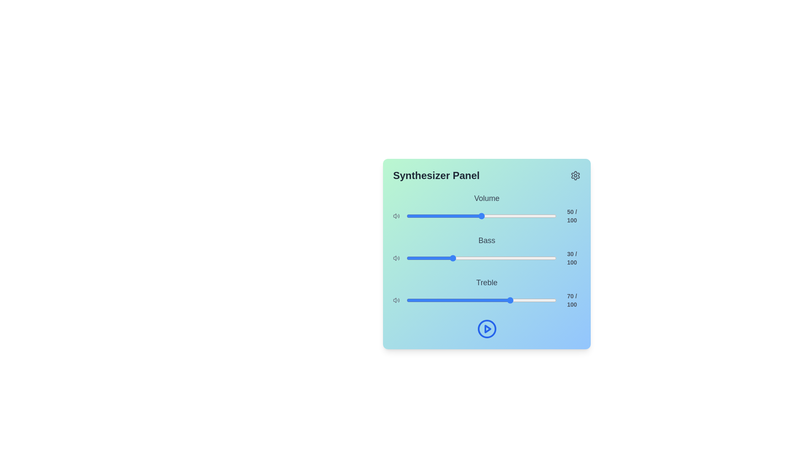  I want to click on the bass slider to set the bass level to 4, so click(413, 258).